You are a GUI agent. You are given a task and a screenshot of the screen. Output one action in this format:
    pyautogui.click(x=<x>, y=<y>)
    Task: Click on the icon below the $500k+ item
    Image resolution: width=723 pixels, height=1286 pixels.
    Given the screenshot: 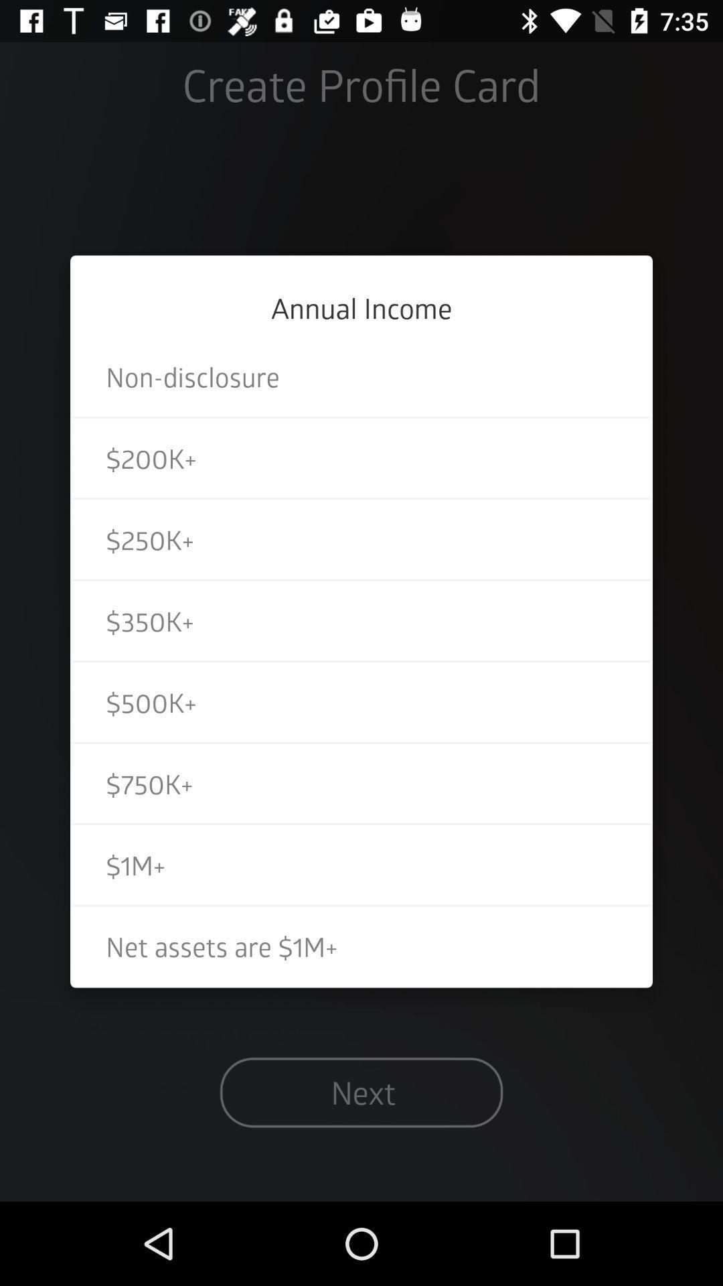 What is the action you would take?
    pyautogui.click(x=361, y=784)
    